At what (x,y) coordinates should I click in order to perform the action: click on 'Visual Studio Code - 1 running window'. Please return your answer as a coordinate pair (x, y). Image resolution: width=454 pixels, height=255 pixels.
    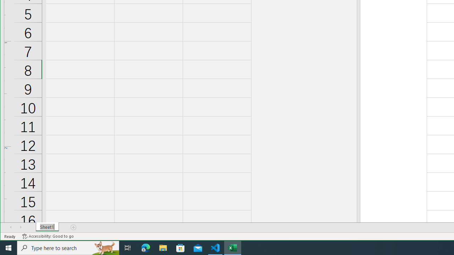
    Looking at the image, I should click on (215, 247).